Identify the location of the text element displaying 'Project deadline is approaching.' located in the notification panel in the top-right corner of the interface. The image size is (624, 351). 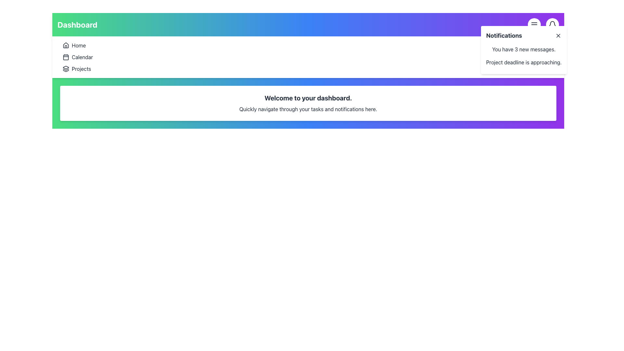
(524, 62).